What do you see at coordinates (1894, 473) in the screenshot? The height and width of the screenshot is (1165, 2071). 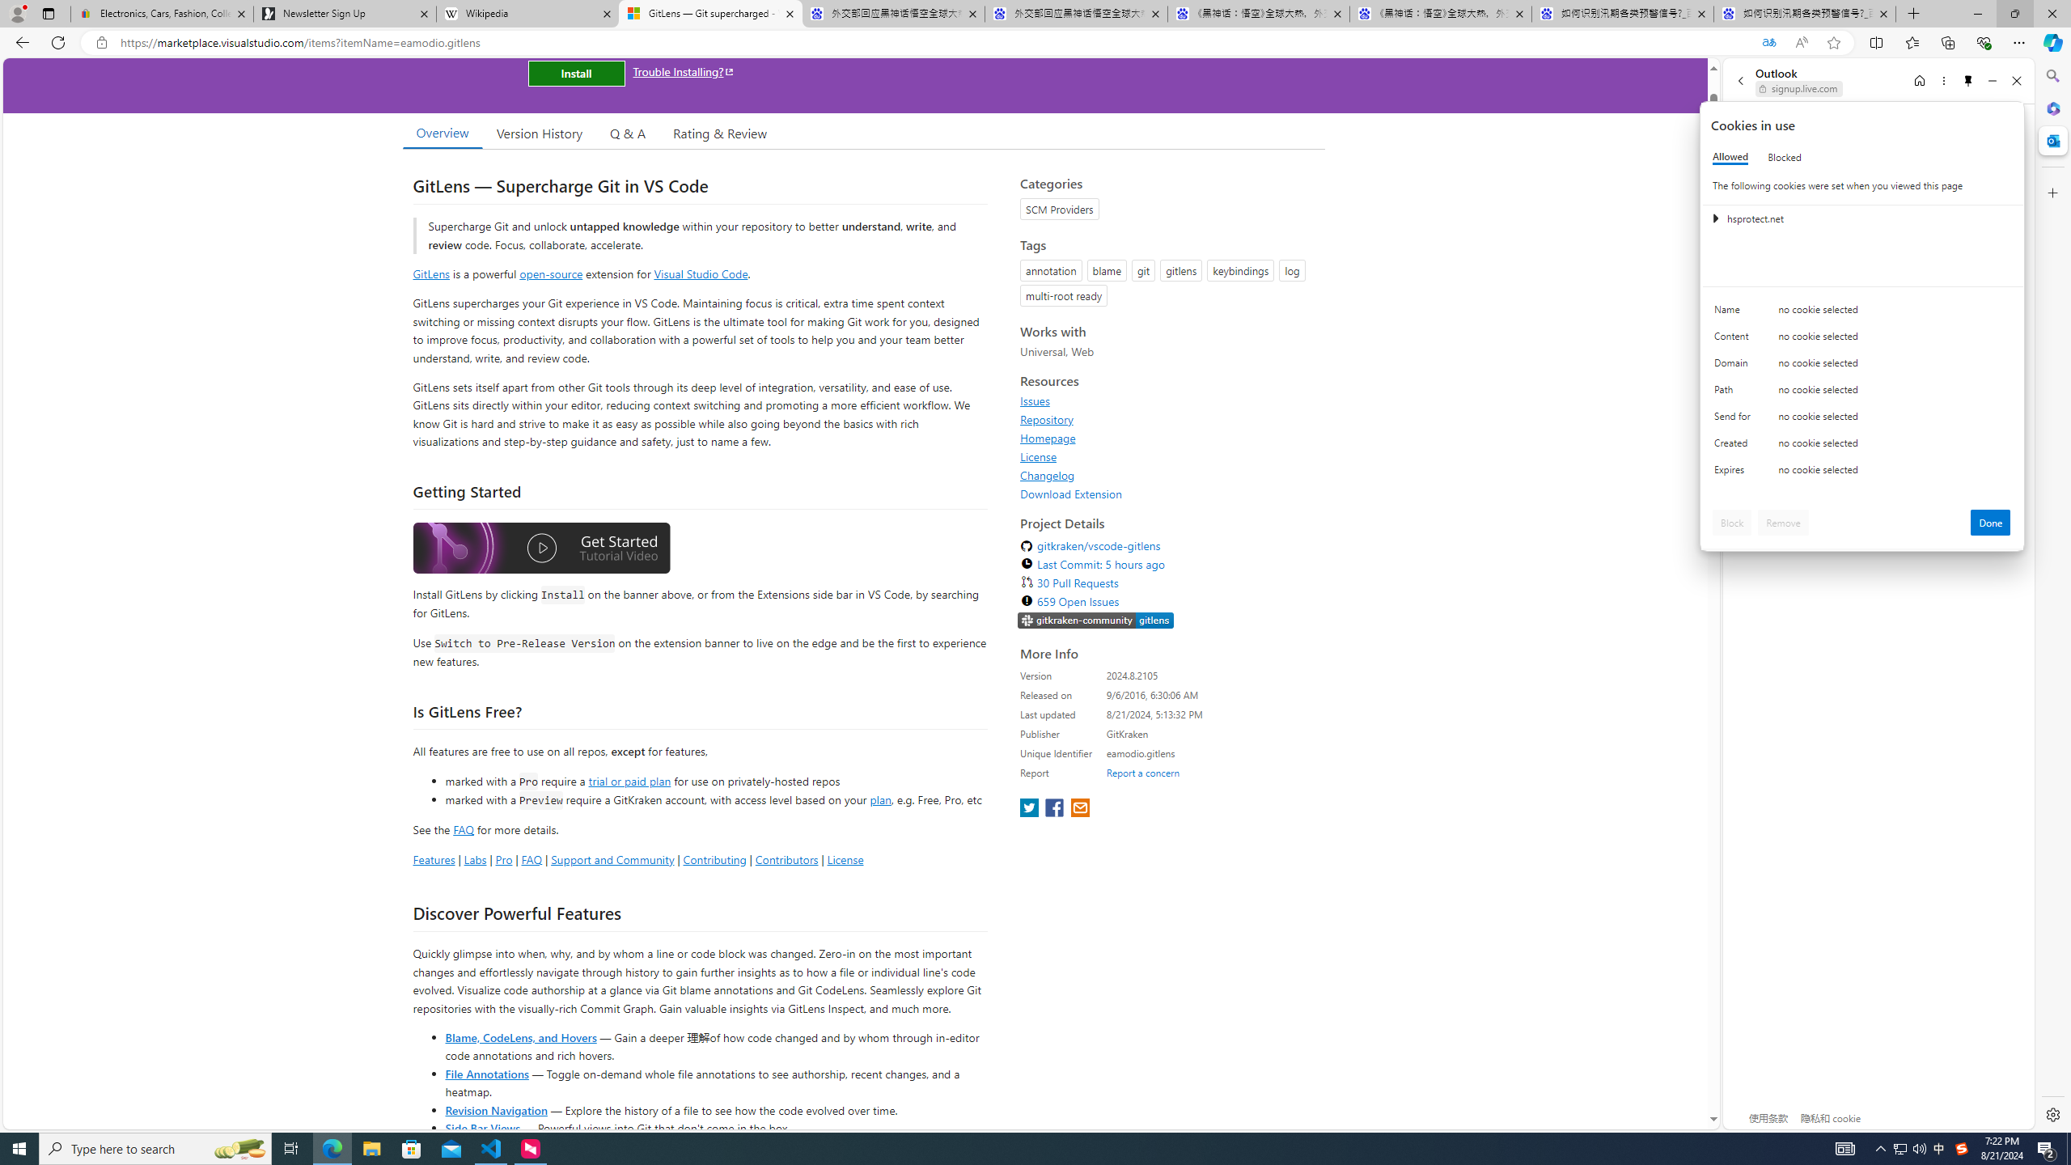 I see `'no cookie selected'` at bounding box center [1894, 473].